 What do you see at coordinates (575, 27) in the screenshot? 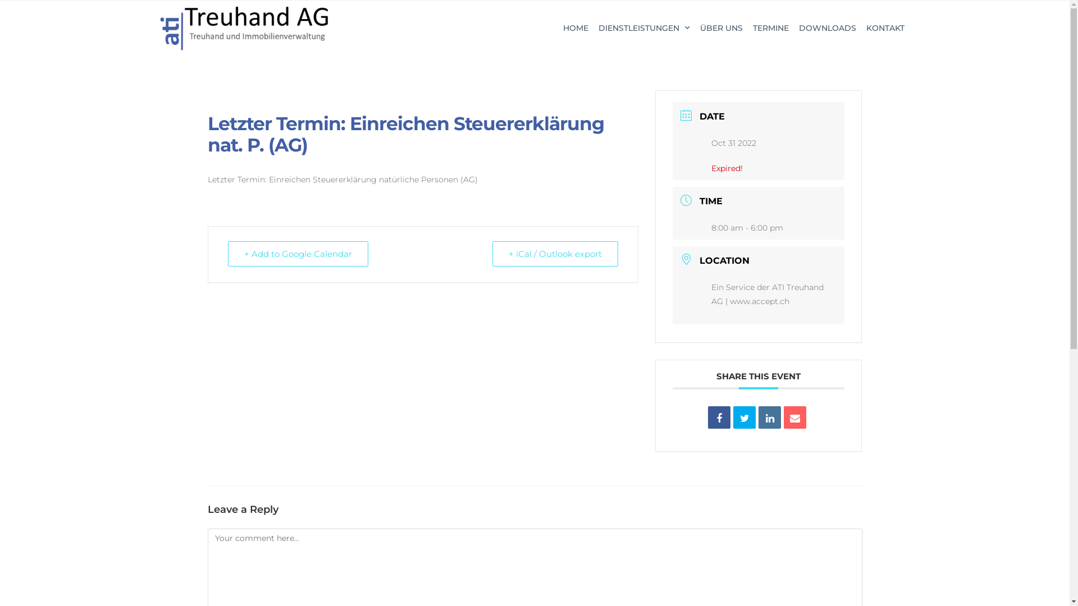
I see `'HOME'` at bounding box center [575, 27].